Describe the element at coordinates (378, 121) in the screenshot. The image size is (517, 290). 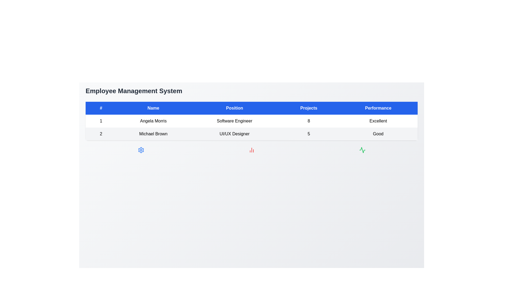
I see `the text label 'Excellent' in the 'Performance' column of the employee entry for 'Angela Morris'` at that location.